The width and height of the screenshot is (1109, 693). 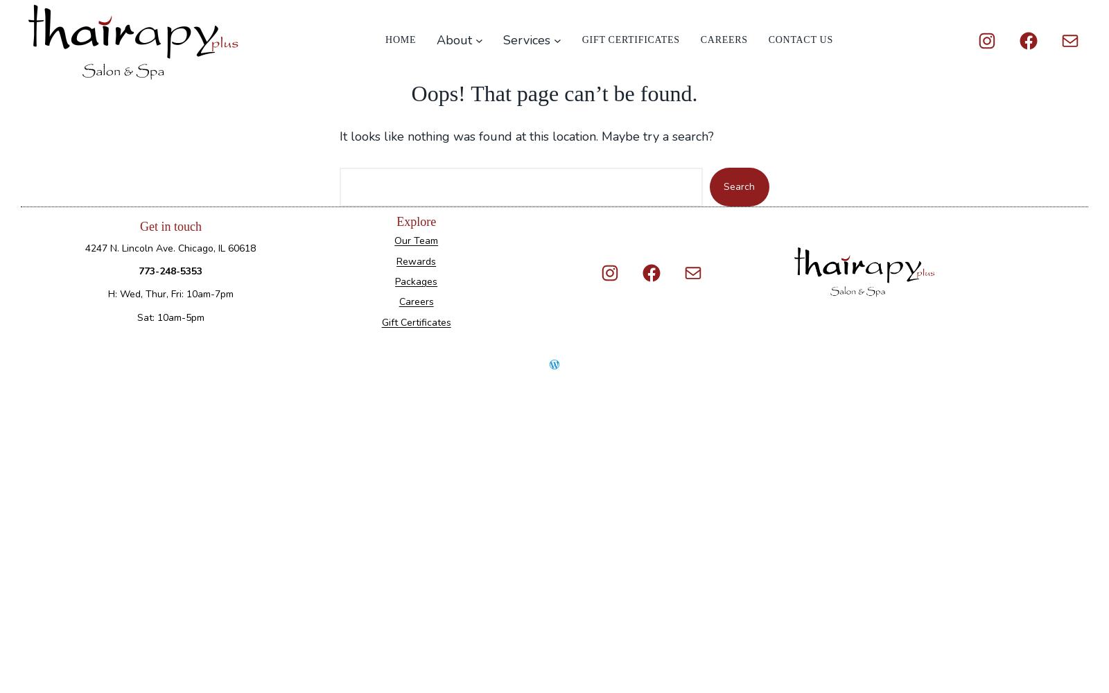 I want to click on 'Search', so click(x=739, y=186).